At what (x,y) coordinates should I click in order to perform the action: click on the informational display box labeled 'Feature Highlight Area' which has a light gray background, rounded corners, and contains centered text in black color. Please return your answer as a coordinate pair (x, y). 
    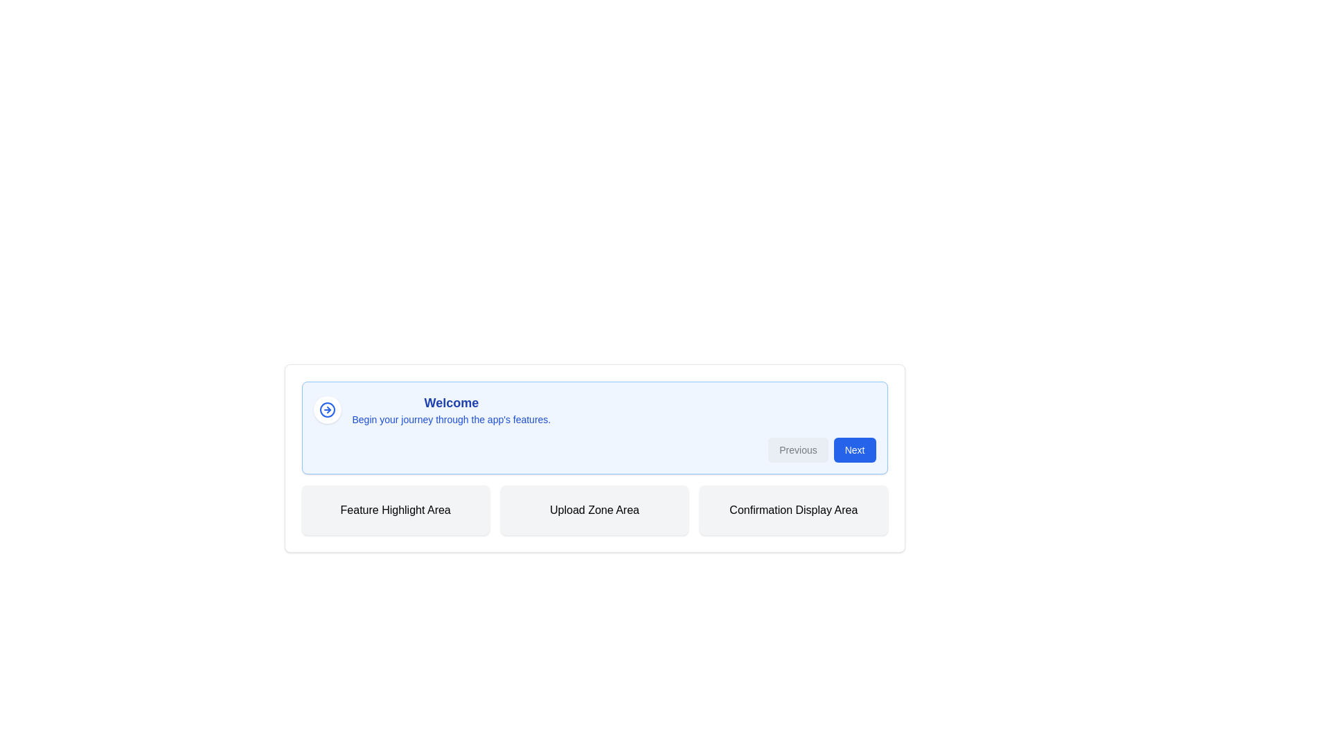
    Looking at the image, I should click on (395, 510).